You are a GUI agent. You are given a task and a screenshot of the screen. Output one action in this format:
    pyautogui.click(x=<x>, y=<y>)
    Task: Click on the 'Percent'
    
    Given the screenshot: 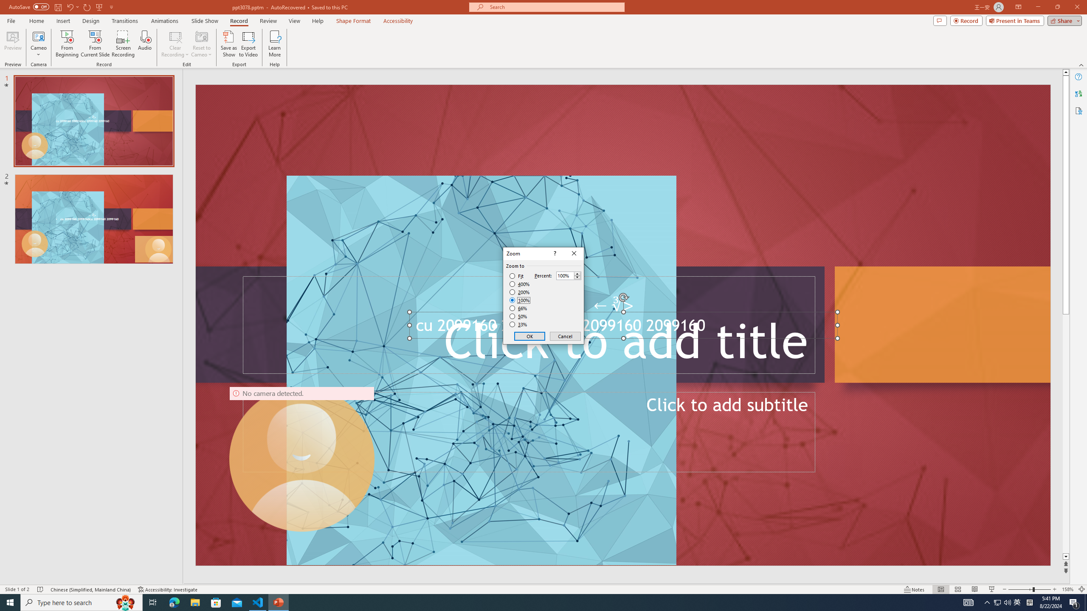 What is the action you would take?
    pyautogui.click(x=565, y=276)
    